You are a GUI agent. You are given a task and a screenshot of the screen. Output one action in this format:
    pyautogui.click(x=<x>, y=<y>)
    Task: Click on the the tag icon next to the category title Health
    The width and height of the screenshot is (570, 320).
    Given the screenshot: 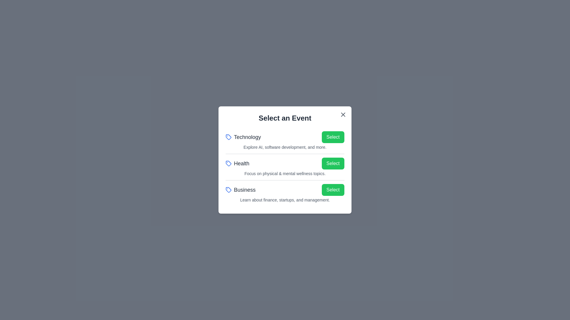 What is the action you would take?
    pyautogui.click(x=228, y=163)
    